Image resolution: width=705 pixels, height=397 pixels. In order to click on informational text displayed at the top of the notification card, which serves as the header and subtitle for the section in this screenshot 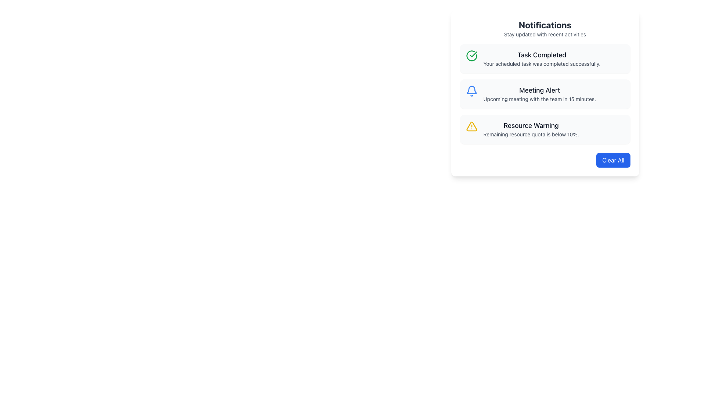, I will do `click(545, 28)`.